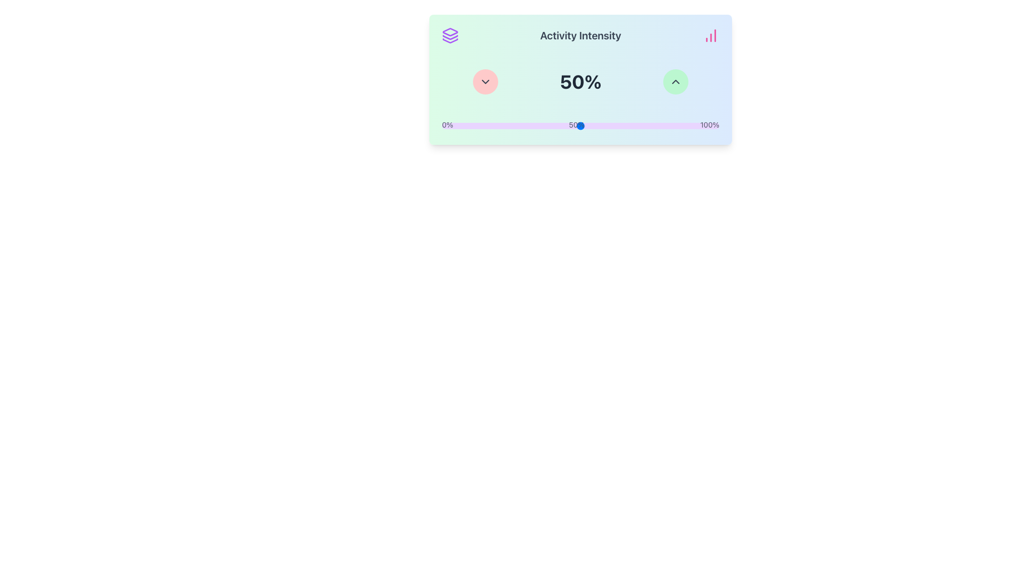  I want to click on the Text Label displaying '0%' which indicates the starting value of a slider widget, located on the leftmost side of the slider, so click(447, 125).